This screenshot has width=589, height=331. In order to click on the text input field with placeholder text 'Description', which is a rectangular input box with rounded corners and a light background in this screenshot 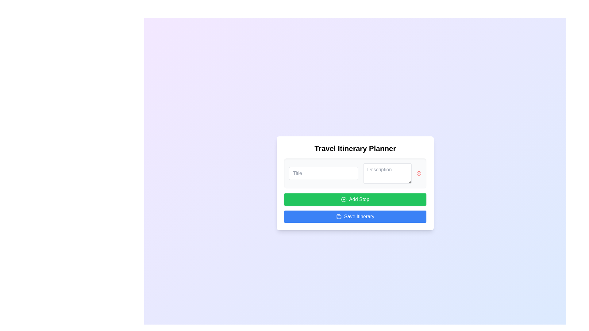, I will do `click(387, 173)`.